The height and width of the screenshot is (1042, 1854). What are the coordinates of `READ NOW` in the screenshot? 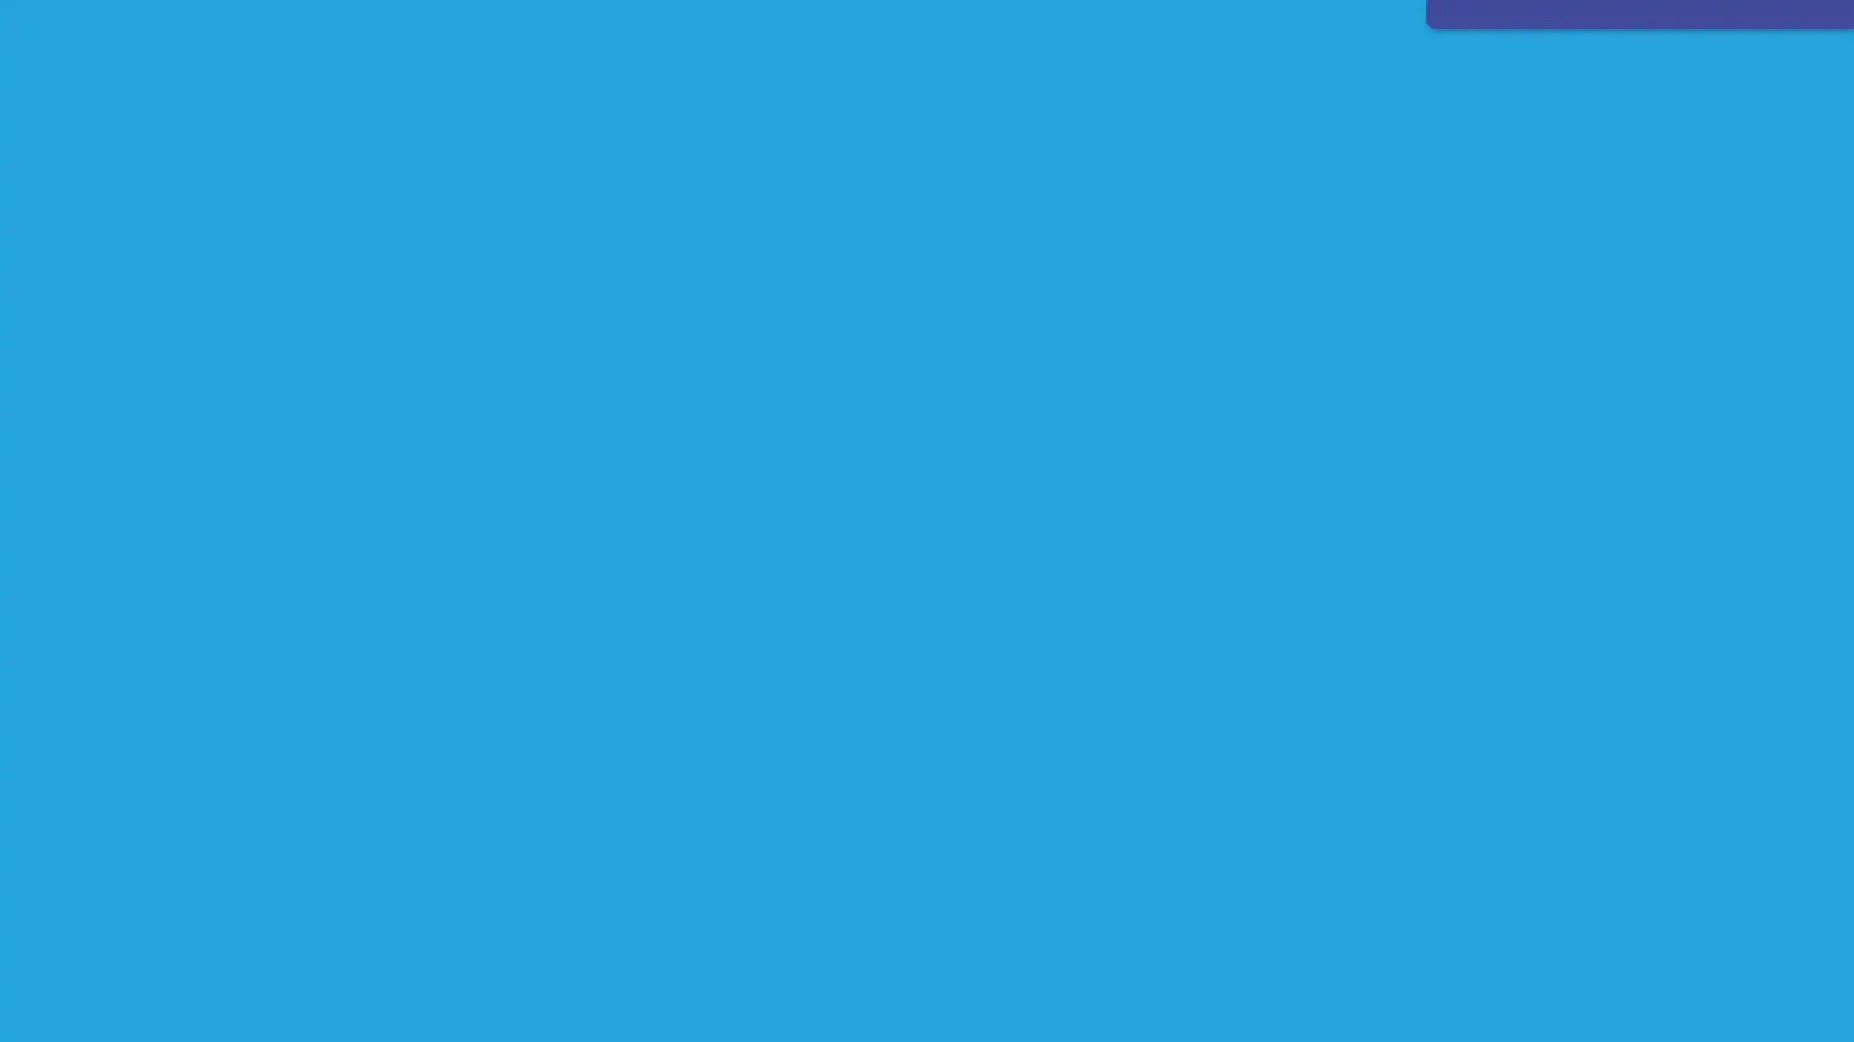 It's located at (796, 807).